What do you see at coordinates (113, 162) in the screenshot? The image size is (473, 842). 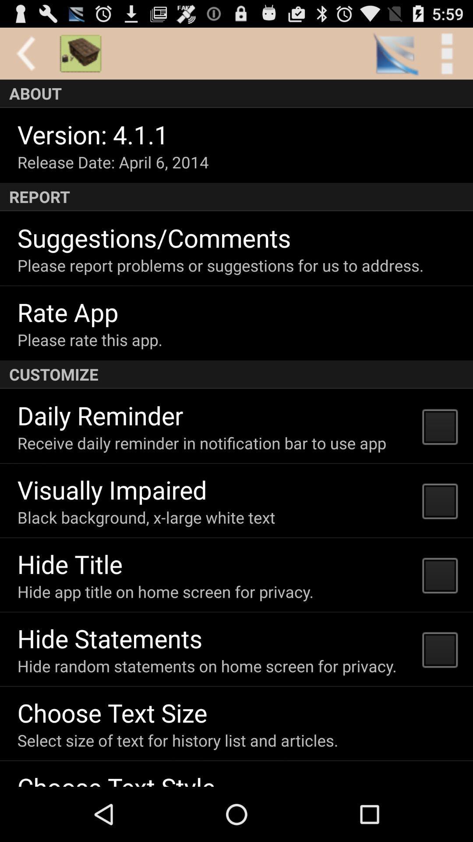 I see `item above the report icon` at bounding box center [113, 162].